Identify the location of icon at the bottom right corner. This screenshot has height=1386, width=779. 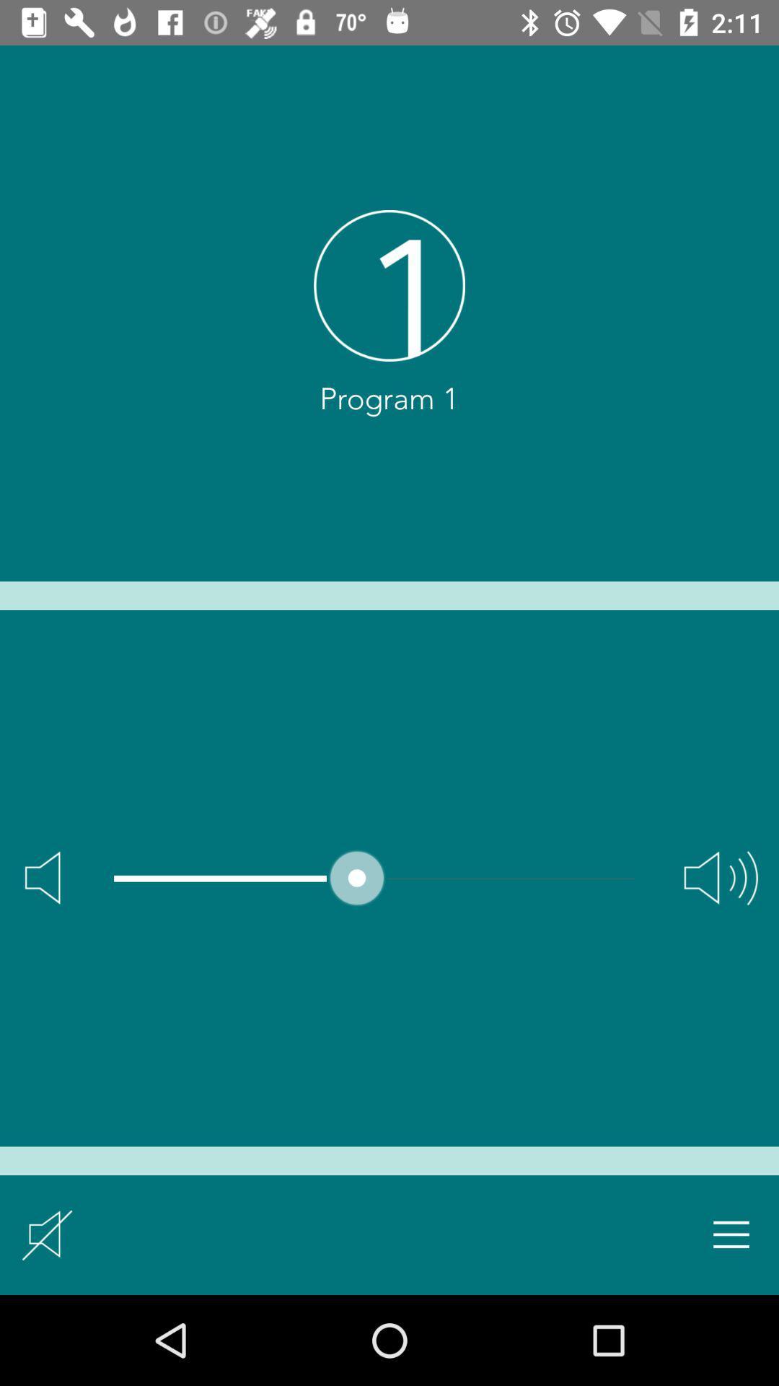
(731, 1234).